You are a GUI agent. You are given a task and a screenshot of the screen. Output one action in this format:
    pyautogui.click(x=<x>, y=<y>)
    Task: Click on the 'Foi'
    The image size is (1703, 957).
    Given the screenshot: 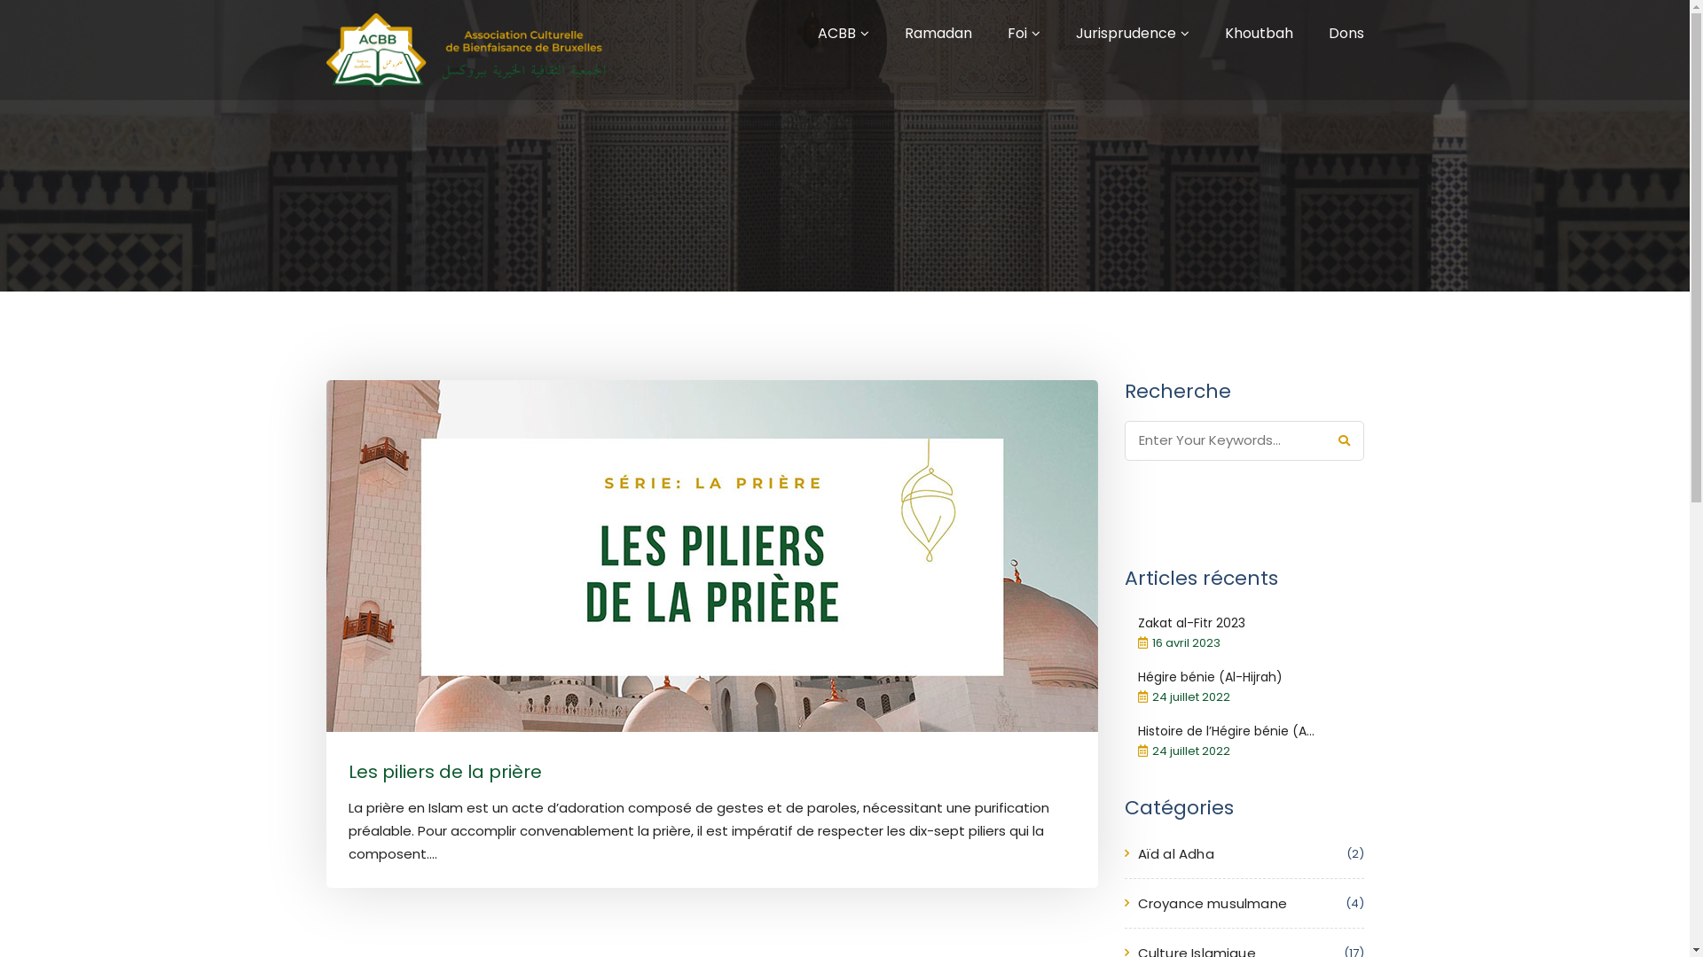 What is the action you would take?
    pyautogui.click(x=1017, y=33)
    